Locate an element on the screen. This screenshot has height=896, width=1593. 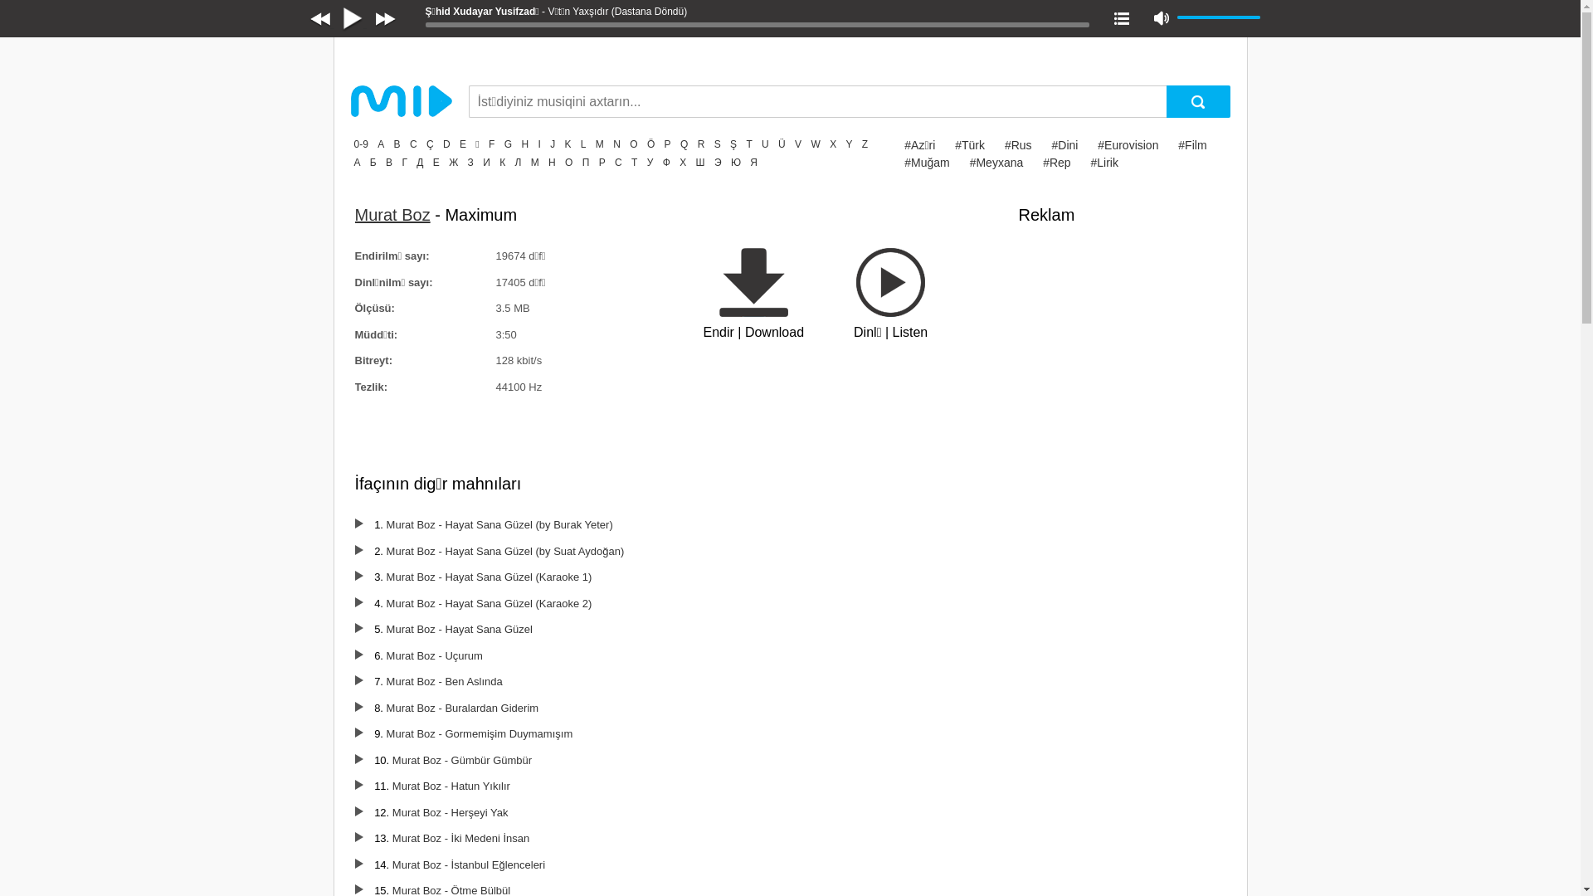
'R' is located at coordinates (701, 143).